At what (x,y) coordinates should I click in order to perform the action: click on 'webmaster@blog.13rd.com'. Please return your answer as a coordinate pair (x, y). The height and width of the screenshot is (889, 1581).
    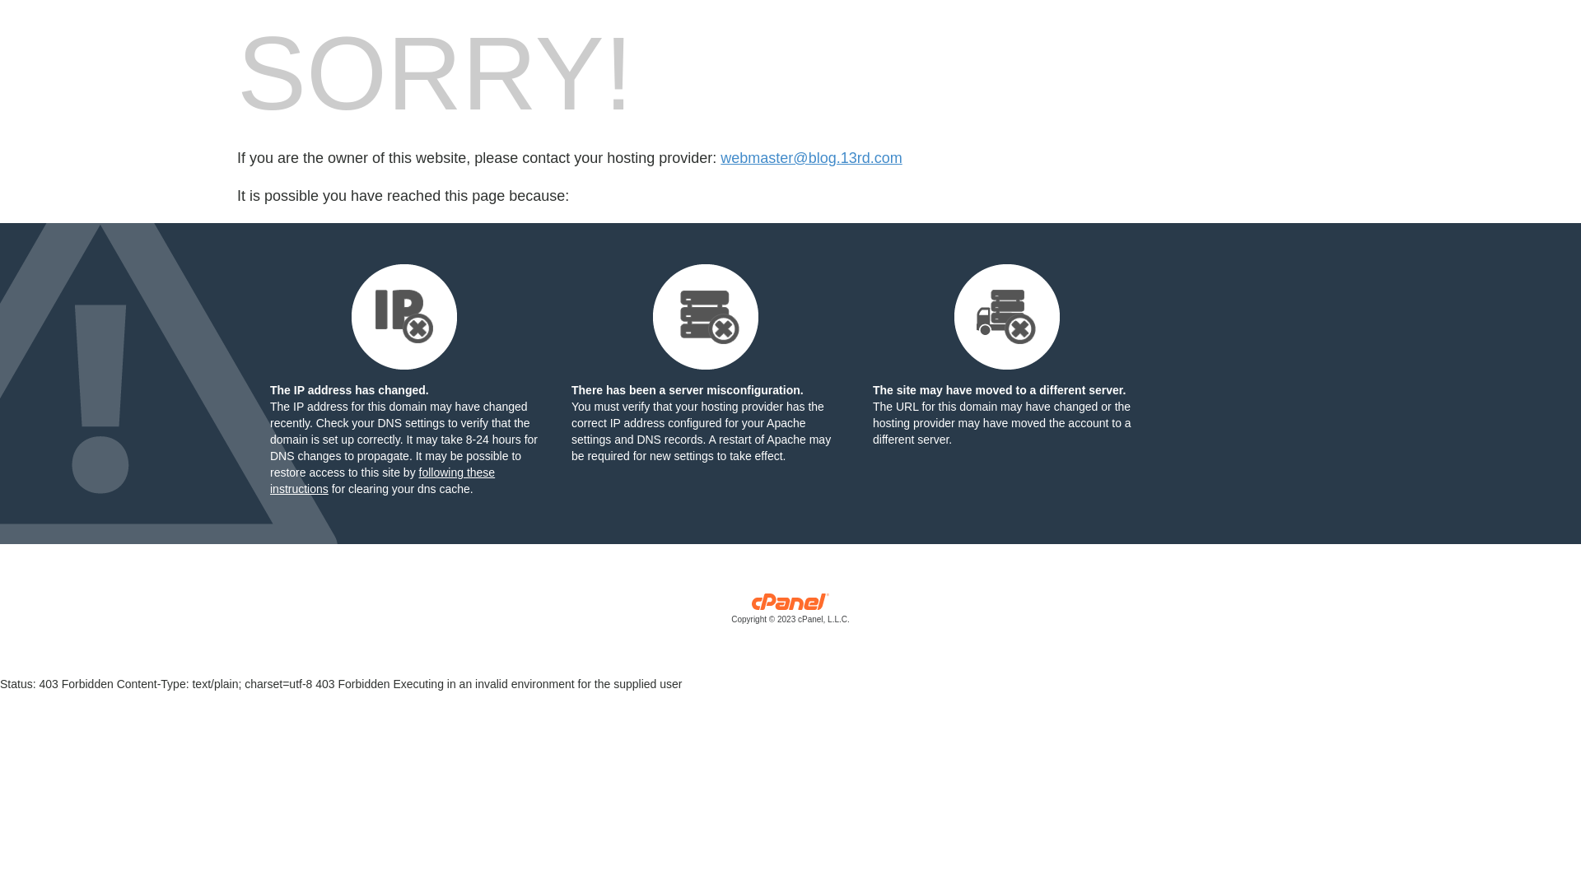
    Looking at the image, I should click on (810, 158).